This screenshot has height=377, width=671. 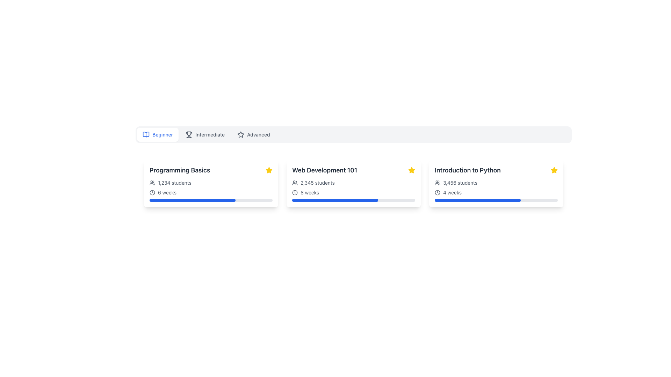 I want to click on the navigation tab or segmented control, so click(x=354, y=134).